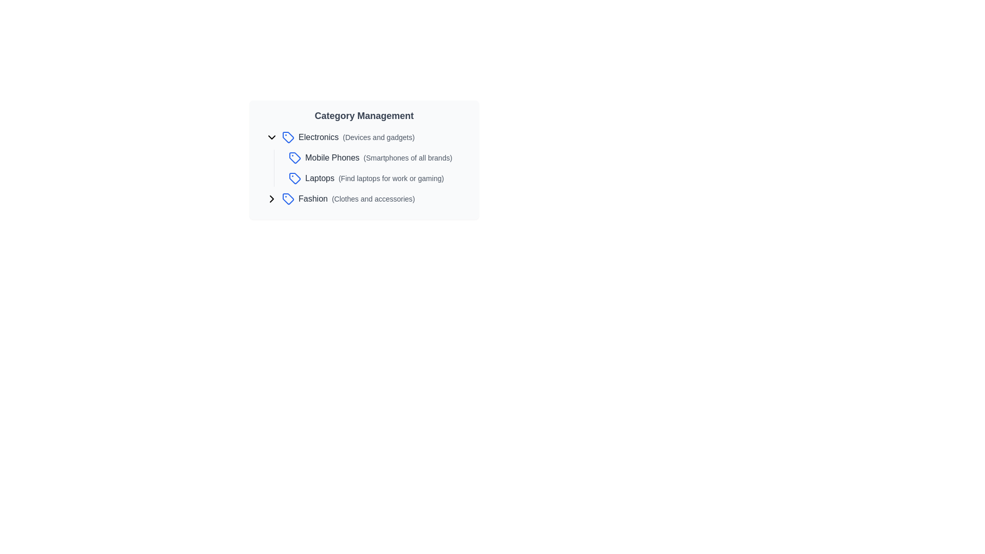 This screenshot has height=554, width=985. What do you see at coordinates (287, 136) in the screenshot?
I see `the small, stylized blue tag icon located to the left of the text 'Electronics (Devices and gadgets)' in the 'Category Management' list` at bounding box center [287, 136].